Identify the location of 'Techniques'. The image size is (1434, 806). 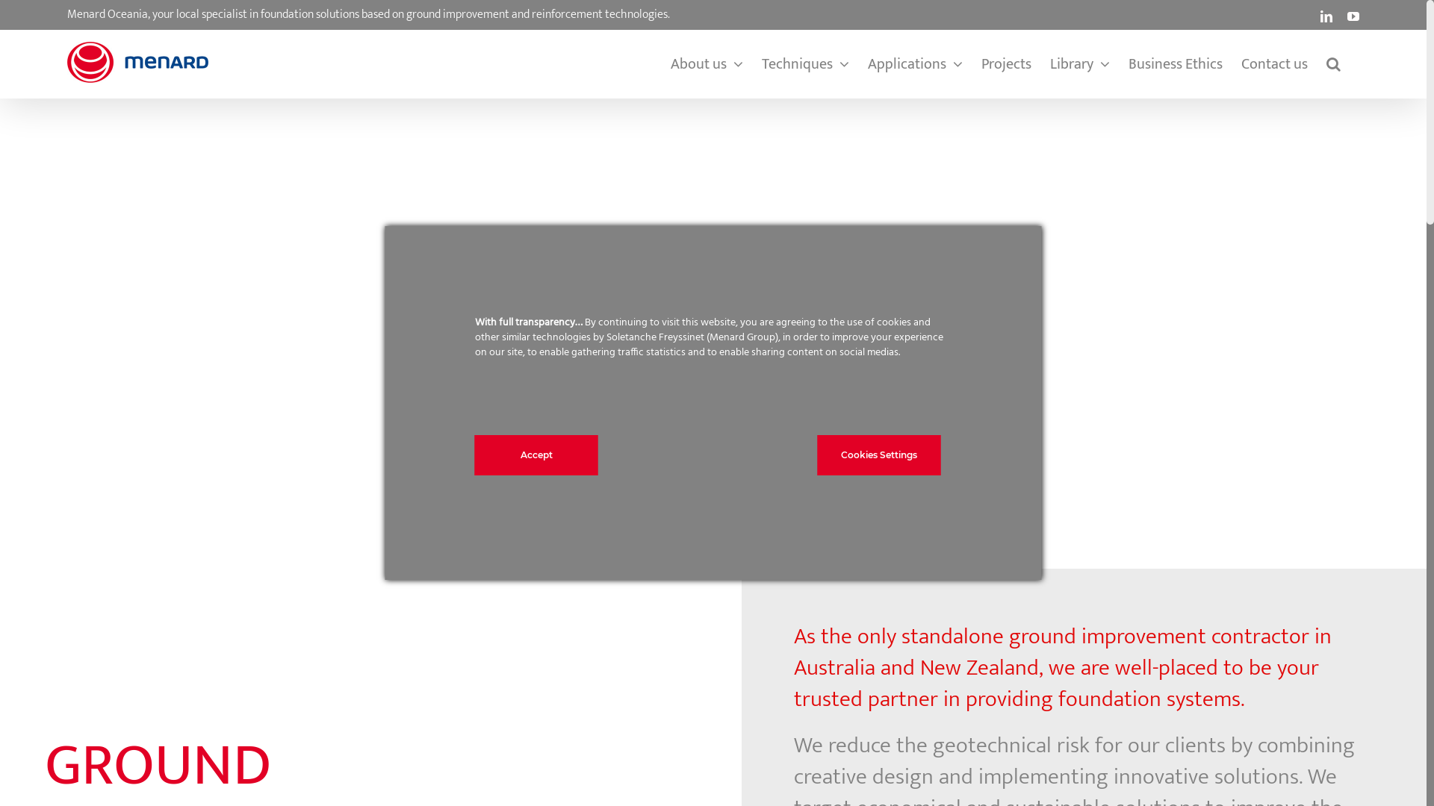
(761, 63).